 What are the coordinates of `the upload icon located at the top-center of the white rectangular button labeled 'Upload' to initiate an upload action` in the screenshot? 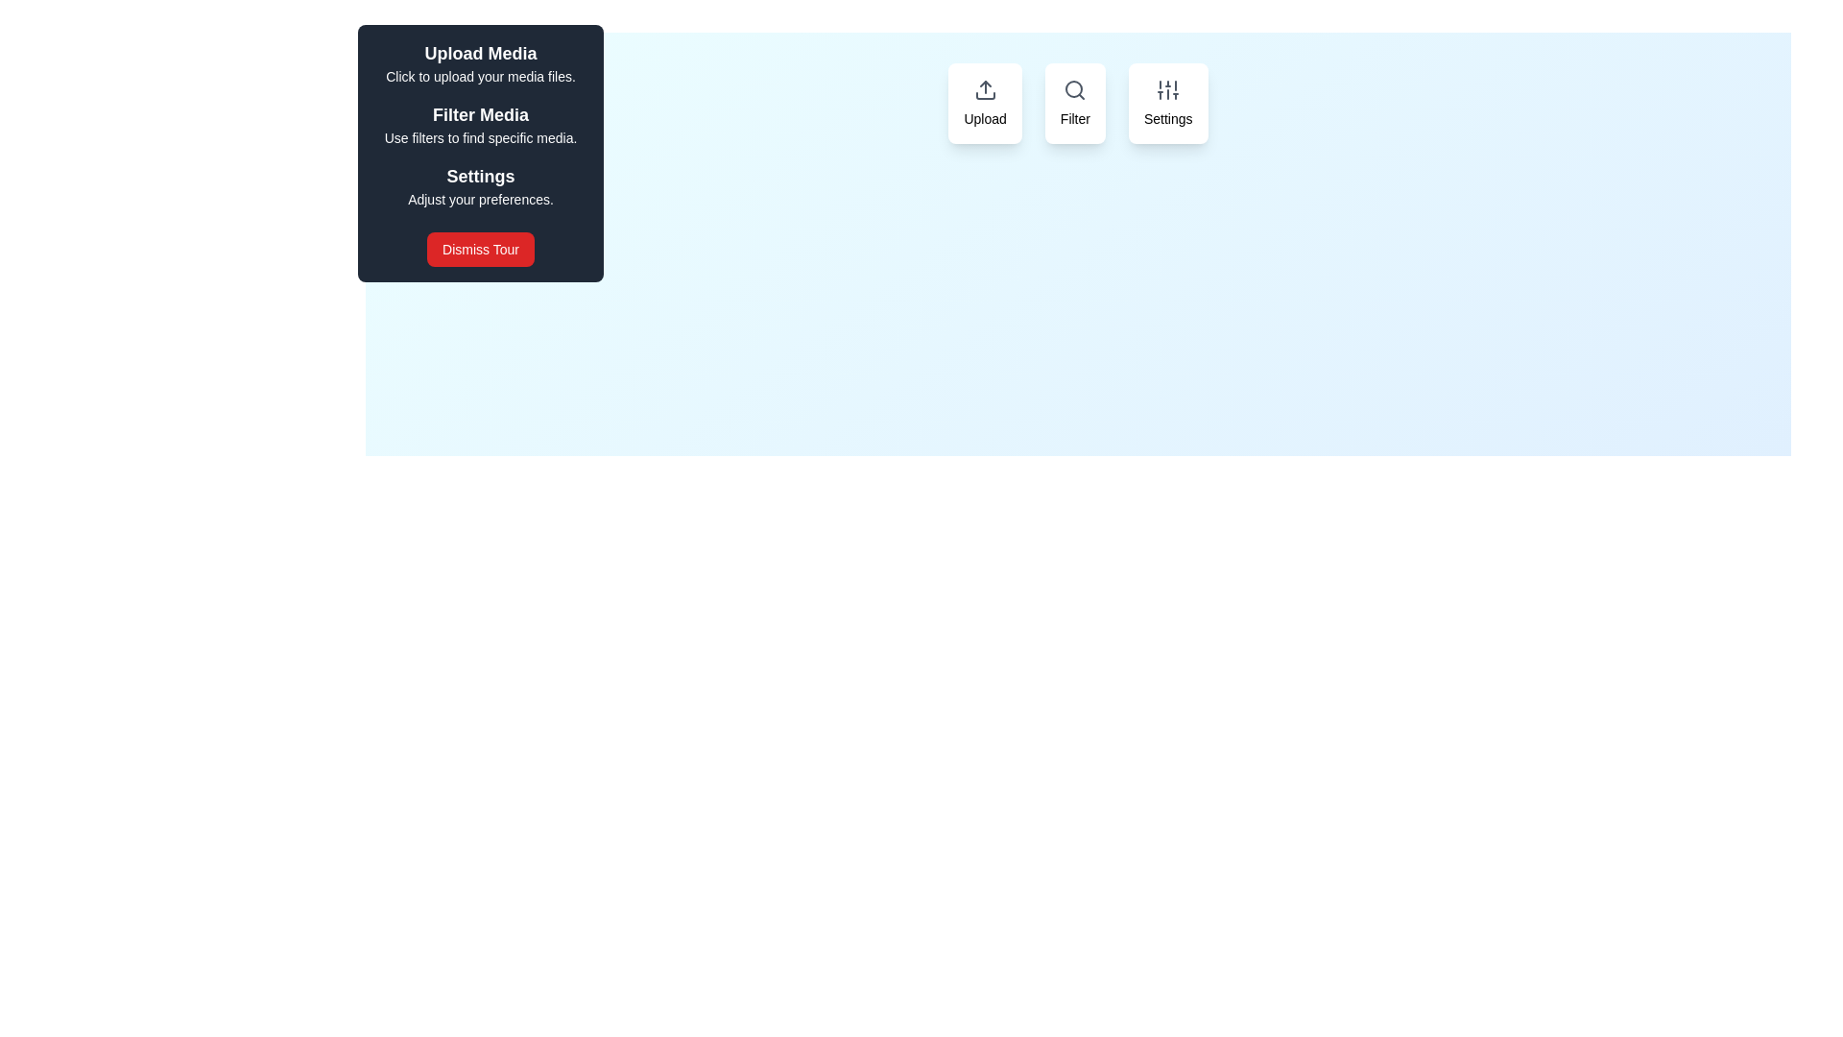 It's located at (985, 89).